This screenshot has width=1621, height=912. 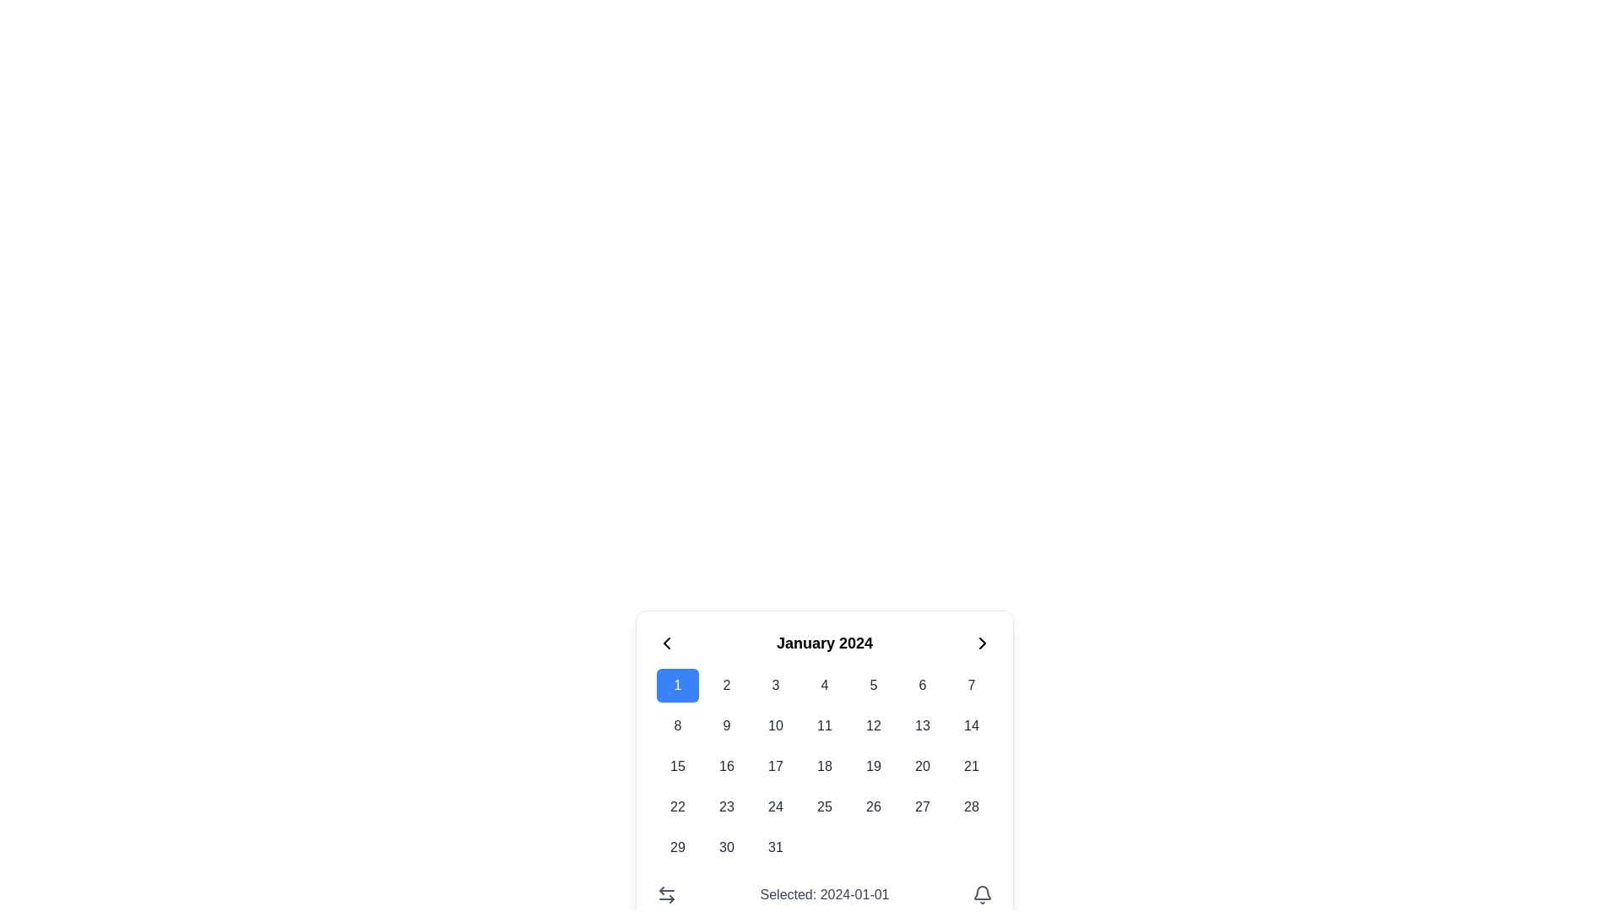 I want to click on the first day button of the displayed month in the calendar, so click(x=677, y=686).